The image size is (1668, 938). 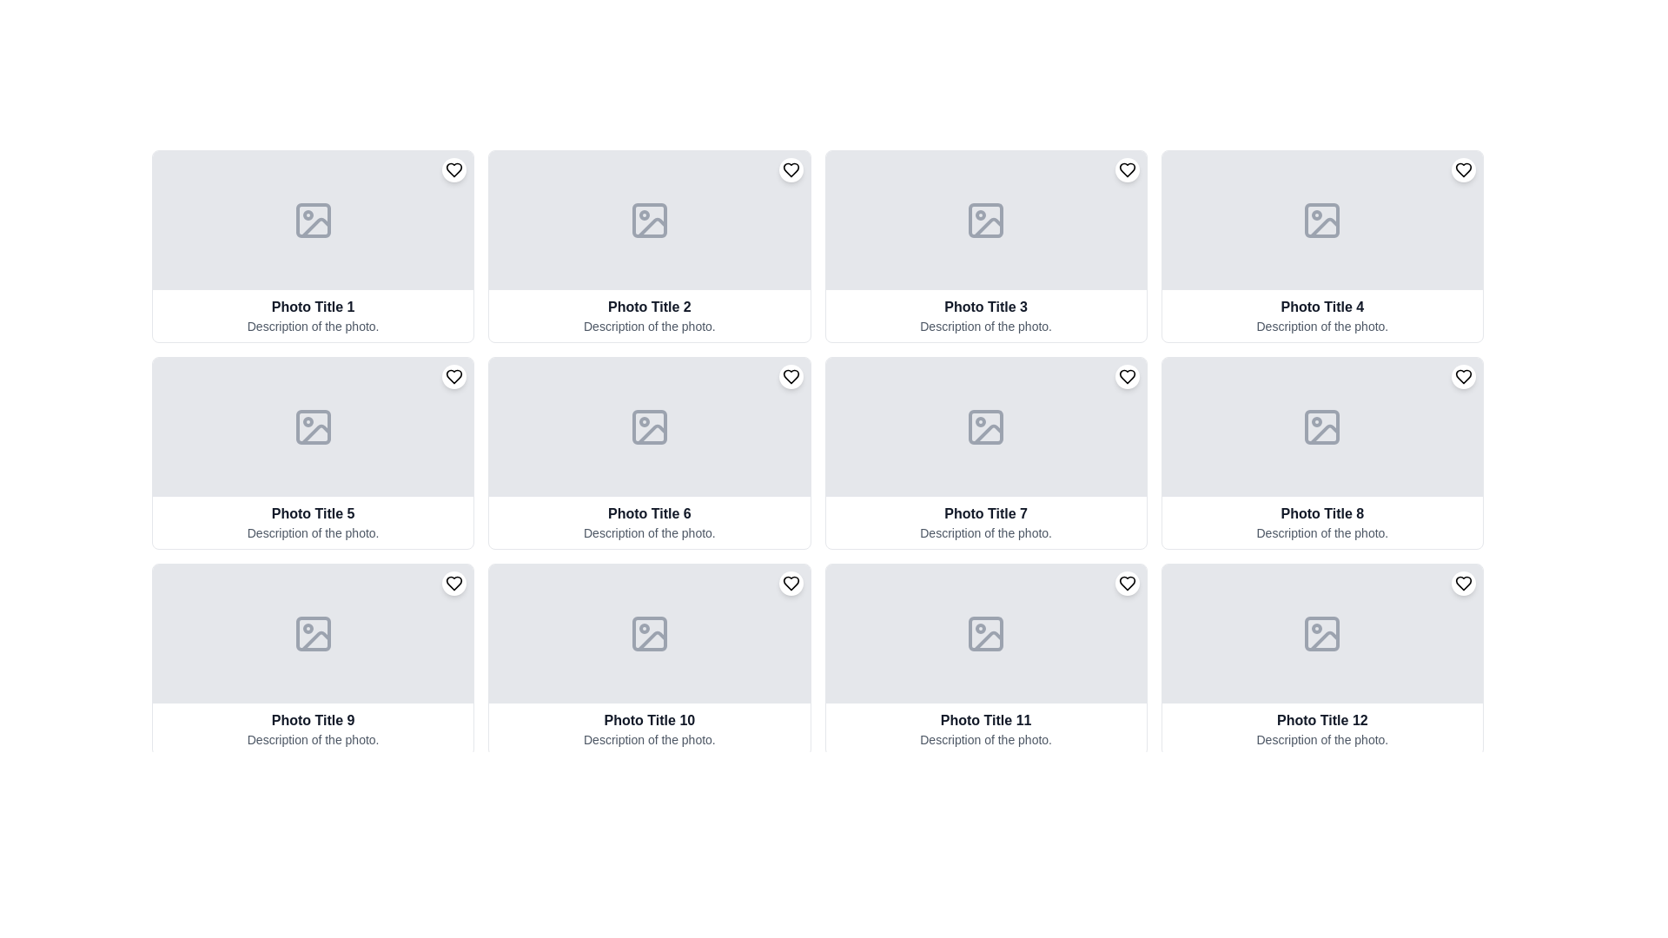 I want to click on the favorite or like button located at the top-right corner of the card labeled 'Photo Title 3' to like the item, so click(x=1127, y=170).